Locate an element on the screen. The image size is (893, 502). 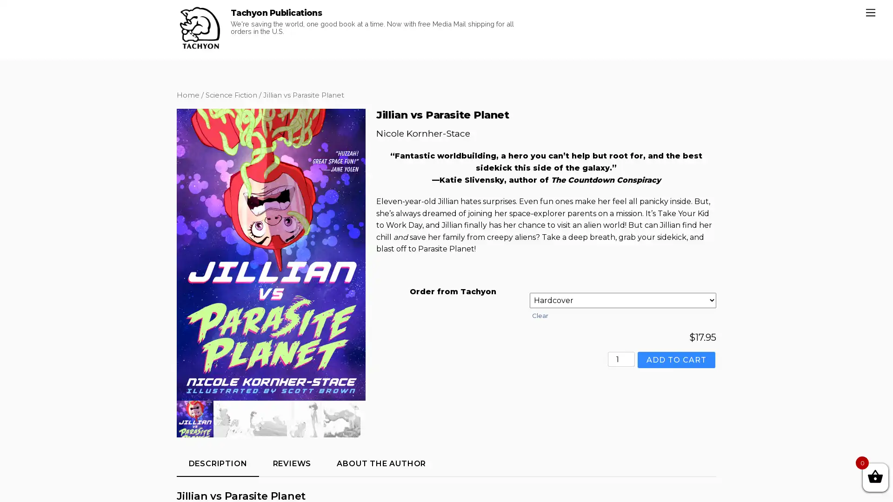
ADD TO CART is located at coordinates (676, 407).